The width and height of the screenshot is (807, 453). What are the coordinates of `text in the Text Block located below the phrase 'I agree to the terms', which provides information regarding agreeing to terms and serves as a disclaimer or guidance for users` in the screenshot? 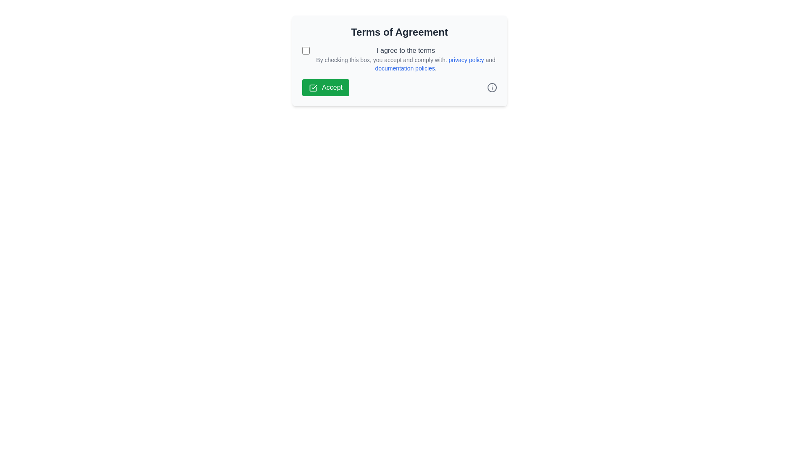 It's located at (406, 64).